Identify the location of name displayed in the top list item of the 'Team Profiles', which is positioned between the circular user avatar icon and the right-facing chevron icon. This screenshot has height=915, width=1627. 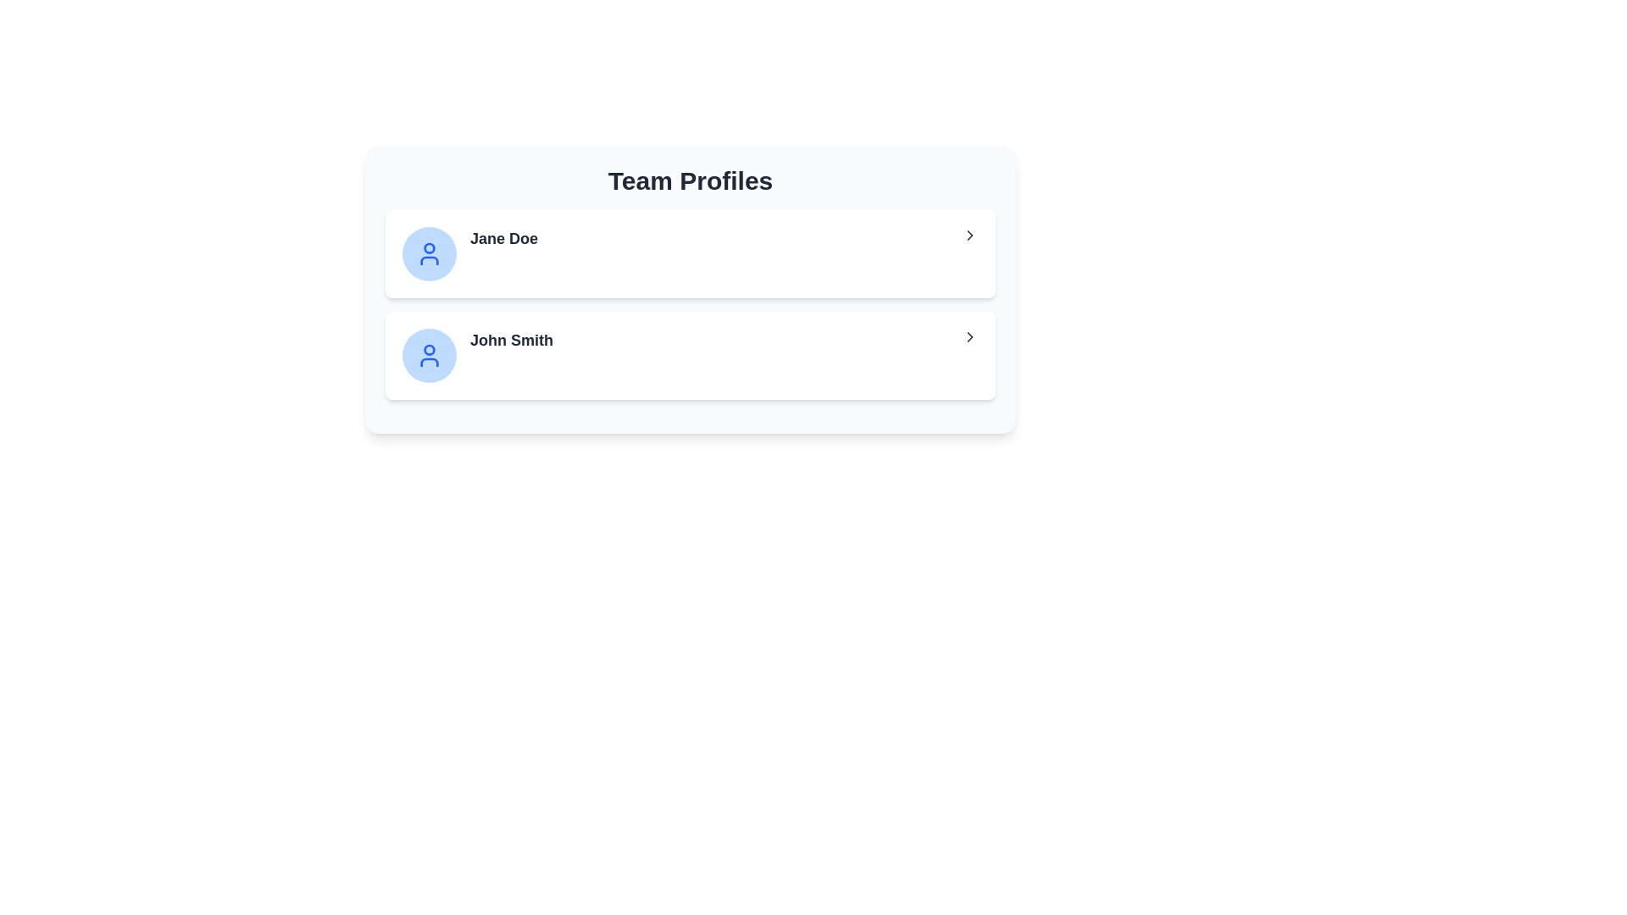
(503, 238).